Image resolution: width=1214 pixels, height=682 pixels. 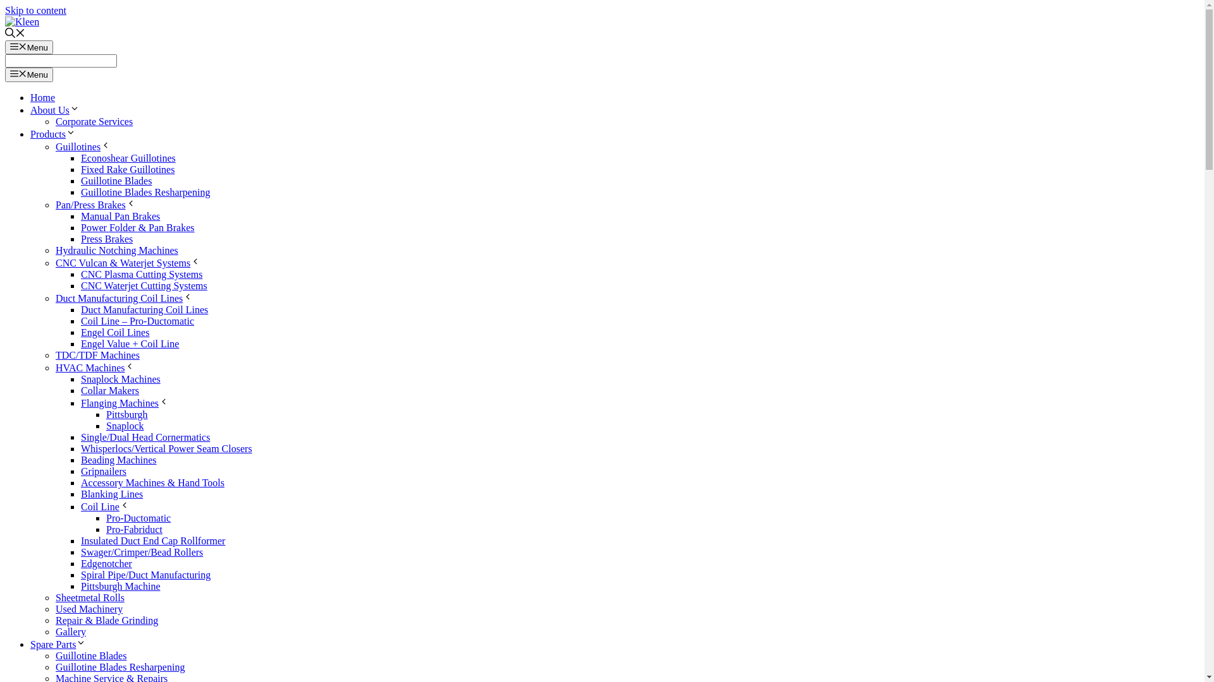 I want to click on 'Spare Parts', so click(x=57, y=644).